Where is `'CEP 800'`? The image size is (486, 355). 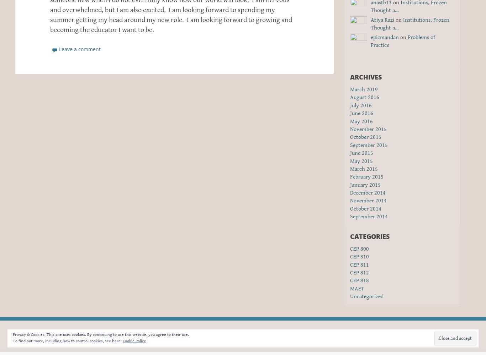
'CEP 800' is located at coordinates (350, 248).